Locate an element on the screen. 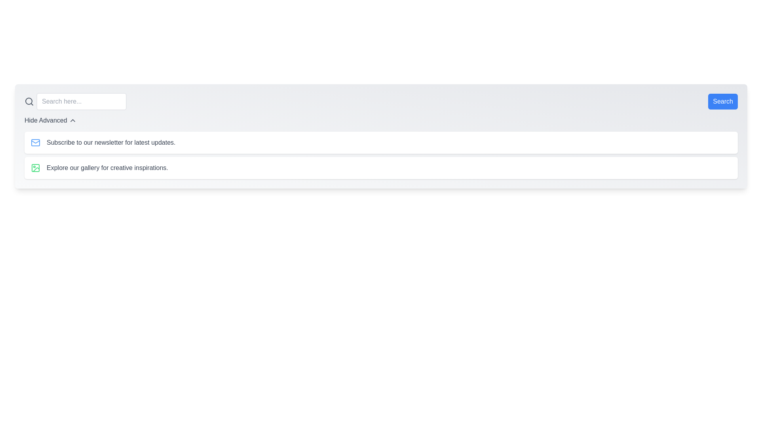 The height and width of the screenshot is (427, 760). 'Hide Advanced' button, which is a clickable text block styled in gray and located near the top-left of the interface, for debugging purposes is located at coordinates (50, 120).